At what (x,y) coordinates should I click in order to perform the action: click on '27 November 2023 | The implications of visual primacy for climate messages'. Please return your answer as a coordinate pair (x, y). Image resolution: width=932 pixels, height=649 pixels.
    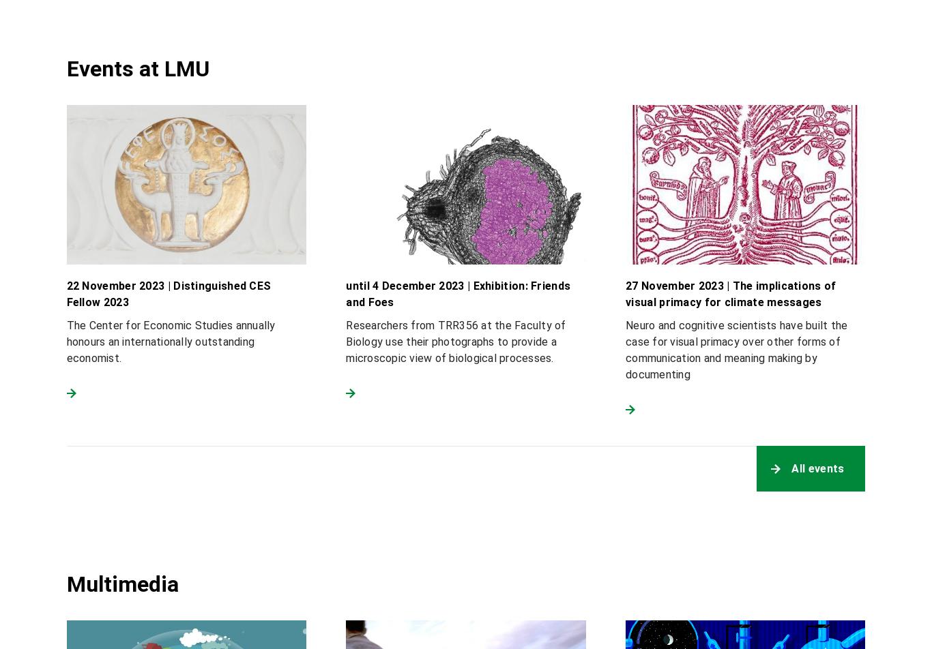
    Looking at the image, I should click on (729, 294).